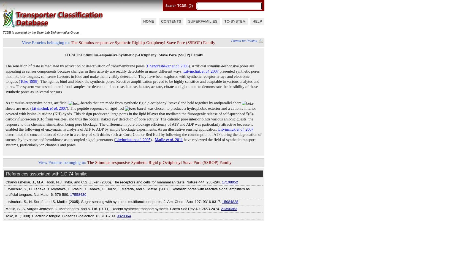  I want to click on '-sheets are used (', so click(129, 106).